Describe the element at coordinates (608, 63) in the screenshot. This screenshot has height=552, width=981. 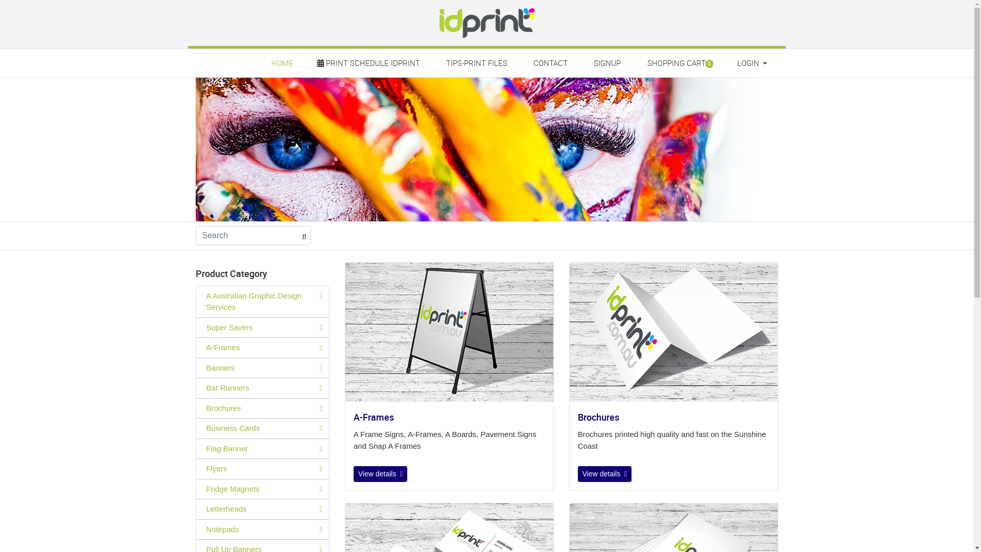
I see `'SIGNUP'` at that location.